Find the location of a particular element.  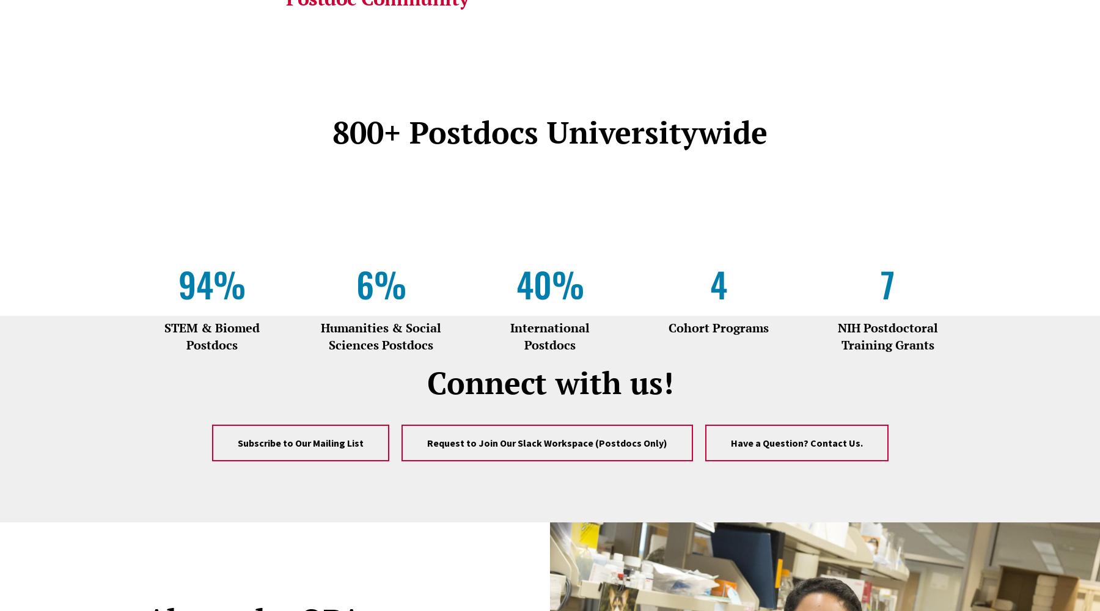

'Have a Question? Contact Us.' is located at coordinates (730, 442).